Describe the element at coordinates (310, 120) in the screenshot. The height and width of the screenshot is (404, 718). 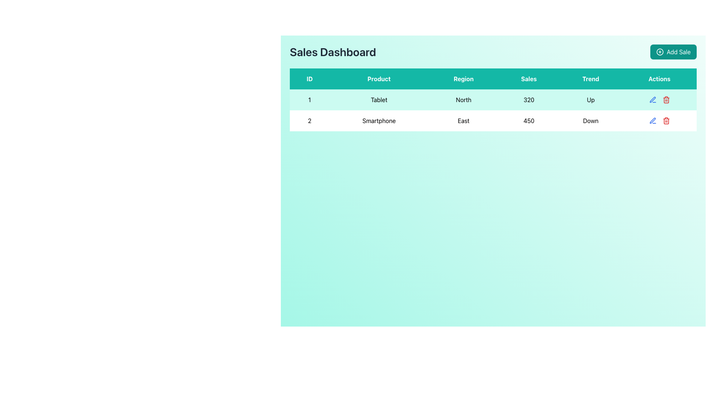
I see `the bold black numeral '2' in the 'ID' column of the second row in the sales table` at that location.